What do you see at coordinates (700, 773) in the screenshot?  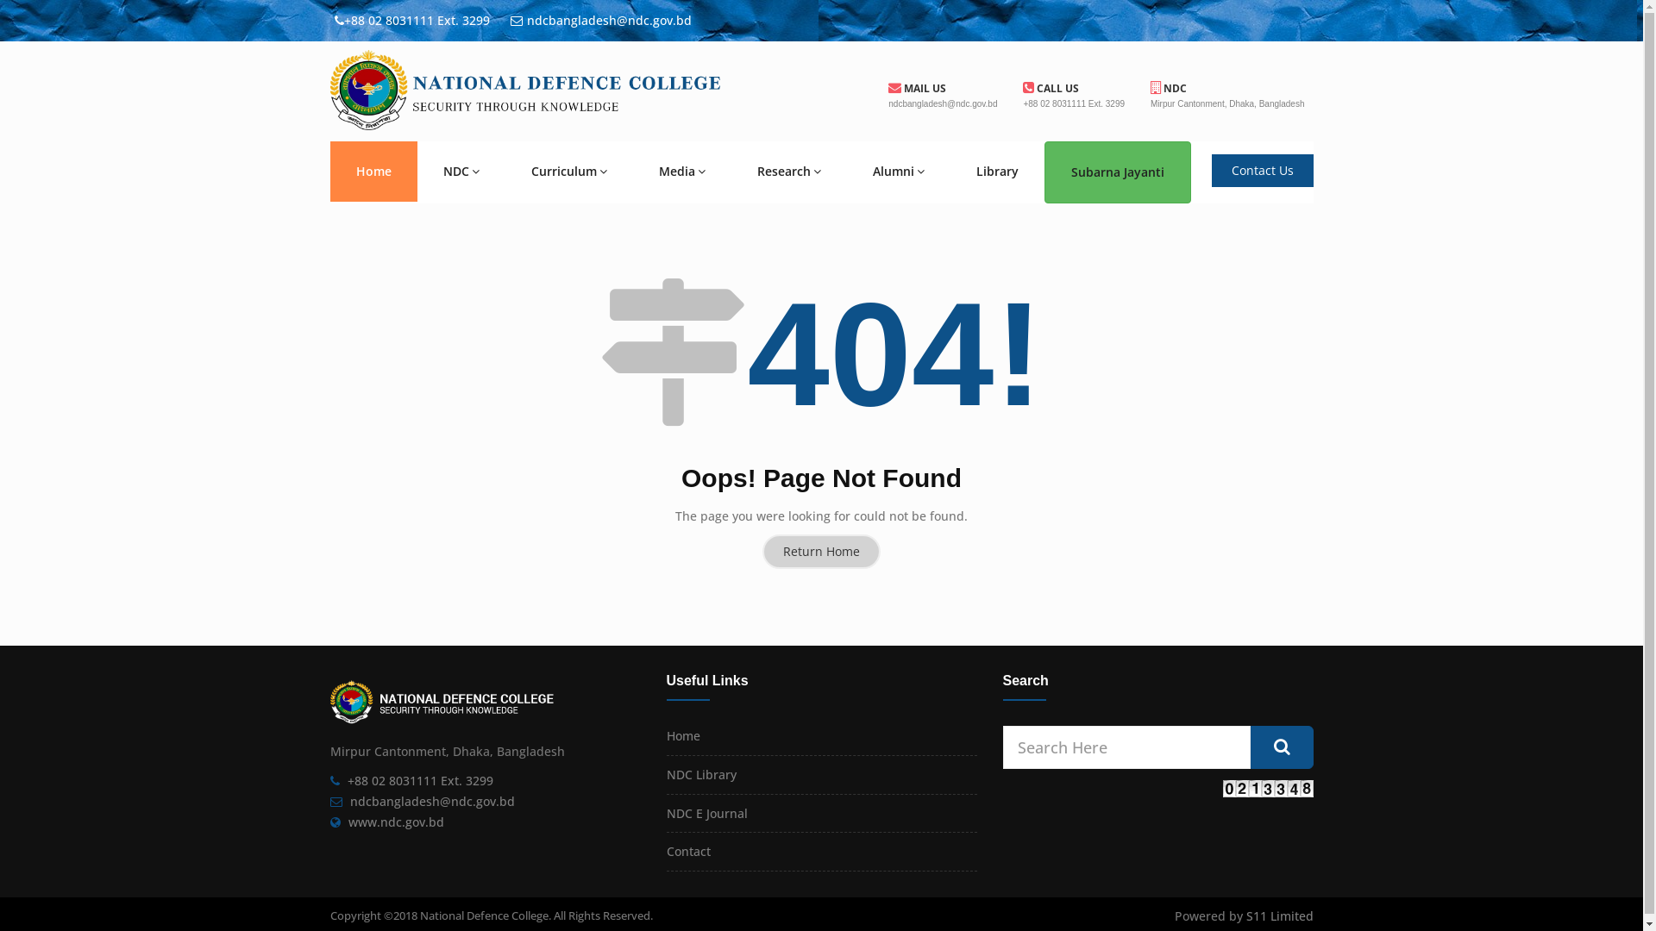 I see `'NDC Library'` at bounding box center [700, 773].